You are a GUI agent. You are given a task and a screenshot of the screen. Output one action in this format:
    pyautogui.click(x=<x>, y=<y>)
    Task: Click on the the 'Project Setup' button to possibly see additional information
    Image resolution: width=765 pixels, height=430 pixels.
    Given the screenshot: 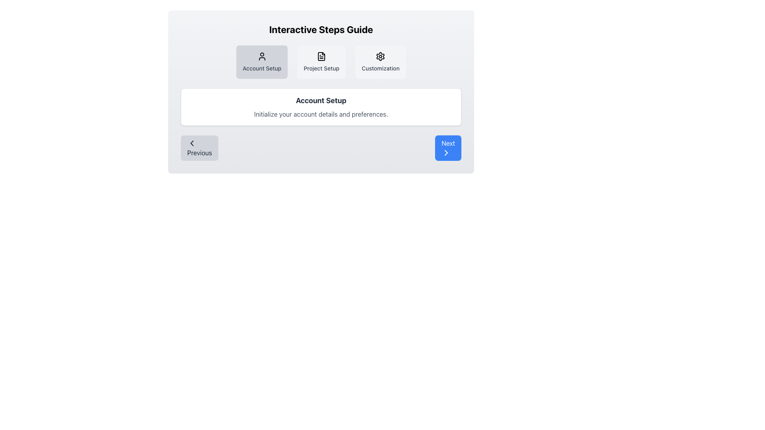 What is the action you would take?
    pyautogui.click(x=321, y=61)
    